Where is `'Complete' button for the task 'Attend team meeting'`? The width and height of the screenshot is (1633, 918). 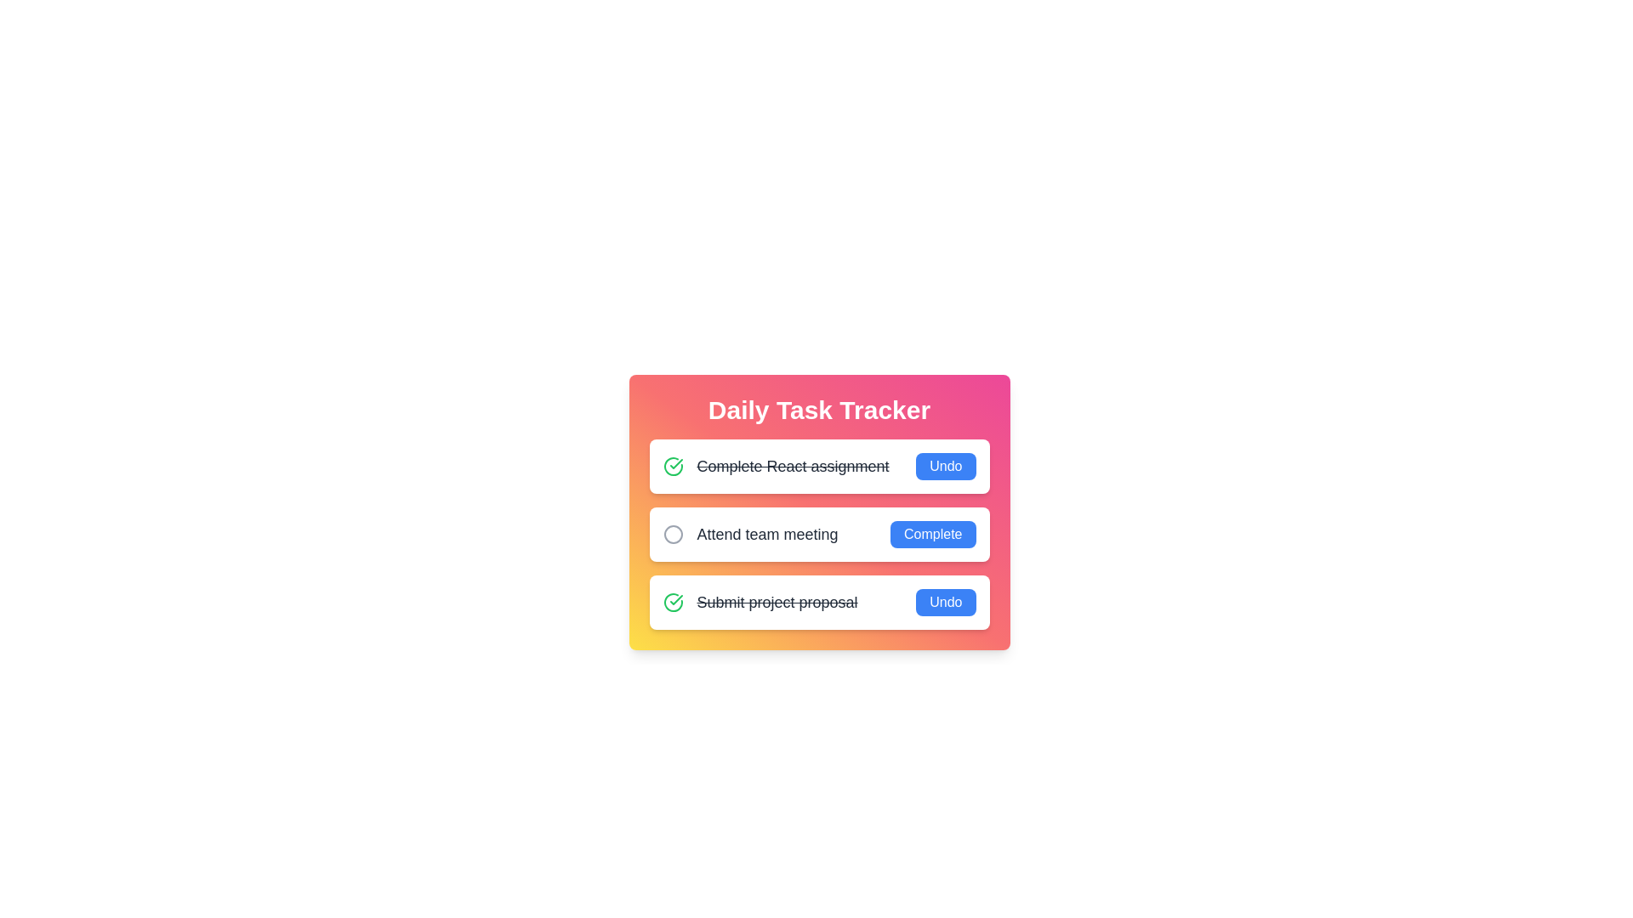 'Complete' button for the task 'Attend team meeting' is located at coordinates (932, 533).